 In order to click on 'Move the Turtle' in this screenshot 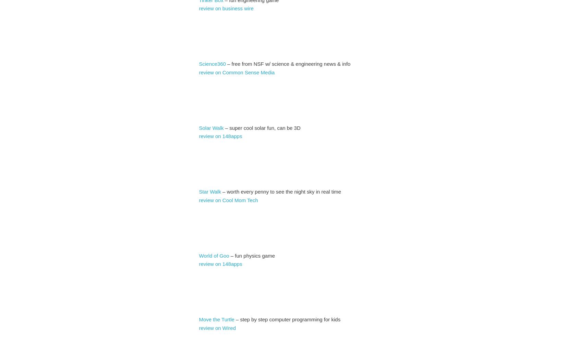, I will do `click(198, 319)`.